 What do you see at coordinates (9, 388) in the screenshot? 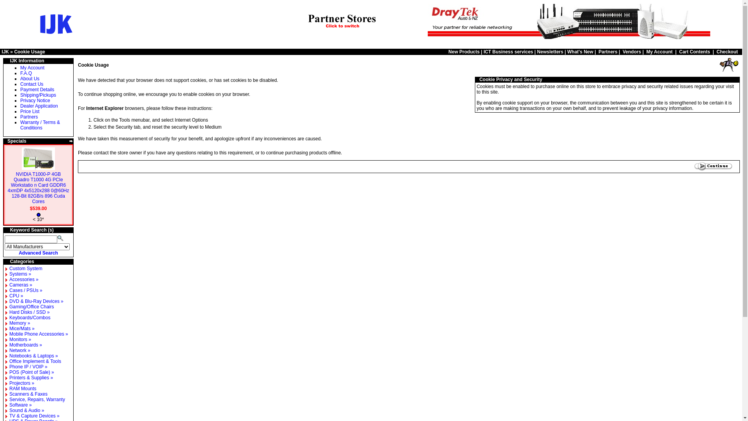
I see `'RAM Mounts'` at bounding box center [9, 388].